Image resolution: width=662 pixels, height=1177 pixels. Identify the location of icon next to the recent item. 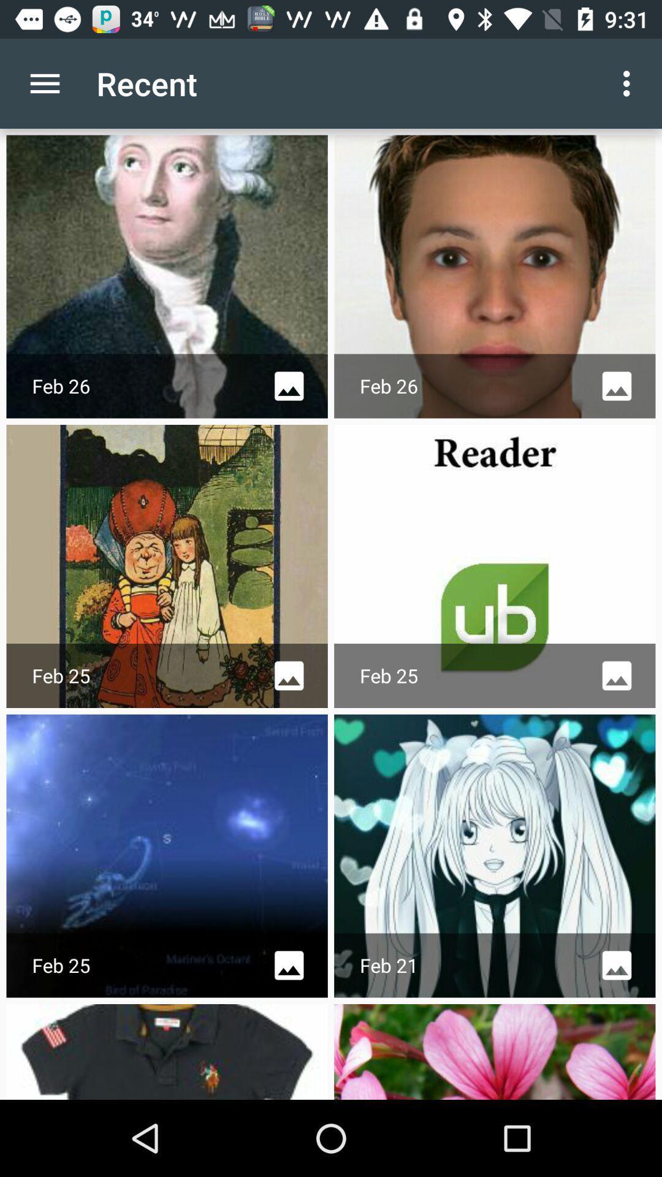
(630, 83).